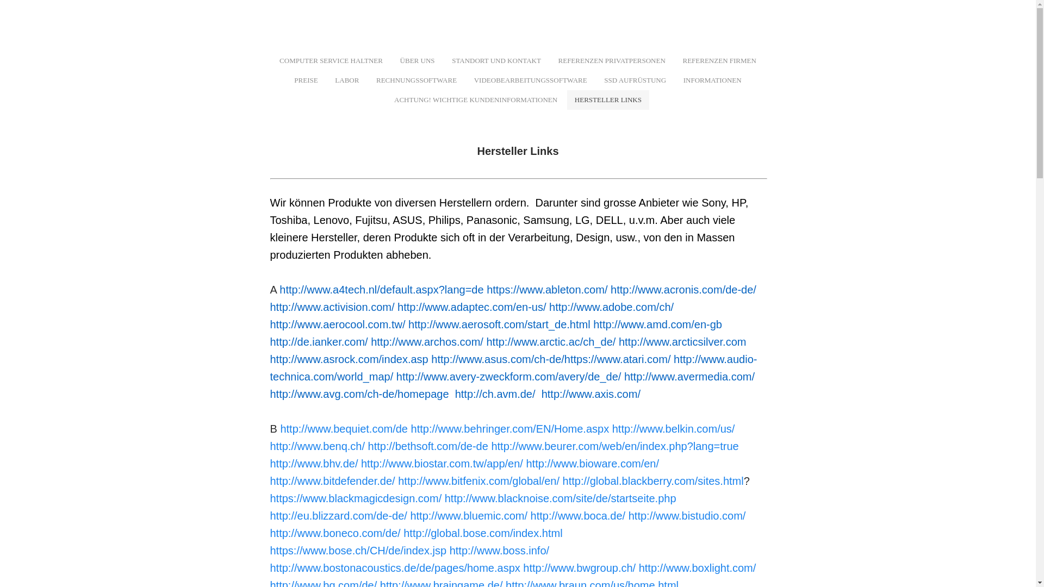  Describe the element at coordinates (331, 307) in the screenshot. I see `'http://www.activision.com/'` at that location.